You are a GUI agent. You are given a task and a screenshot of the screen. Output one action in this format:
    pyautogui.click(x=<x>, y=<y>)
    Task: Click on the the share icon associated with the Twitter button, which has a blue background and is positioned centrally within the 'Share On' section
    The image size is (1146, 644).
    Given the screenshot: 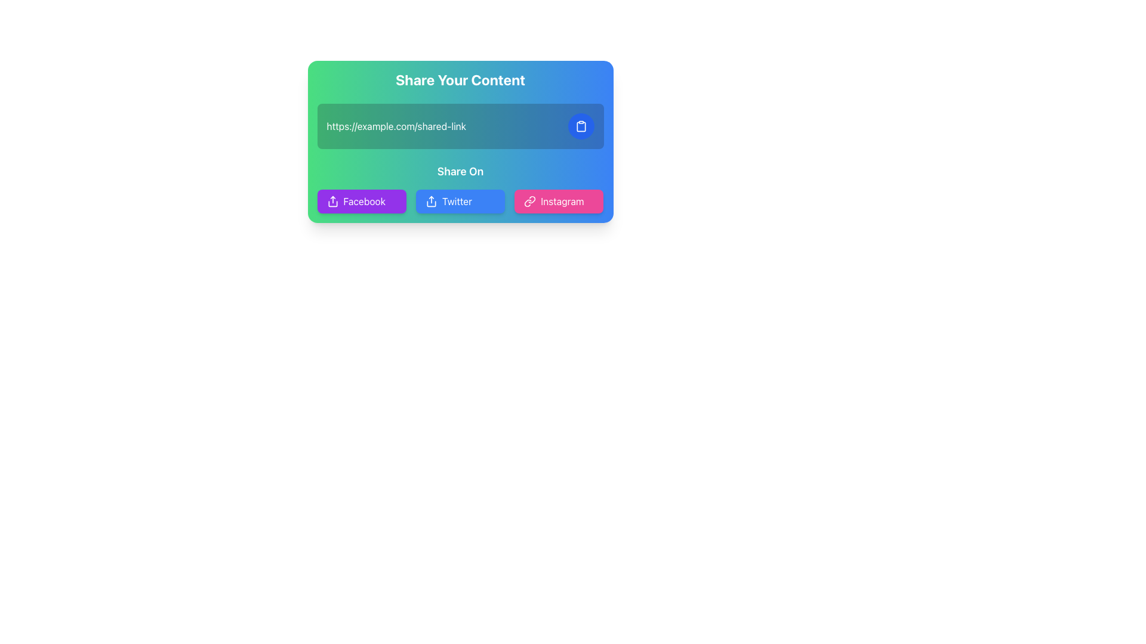 What is the action you would take?
    pyautogui.click(x=430, y=201)
    